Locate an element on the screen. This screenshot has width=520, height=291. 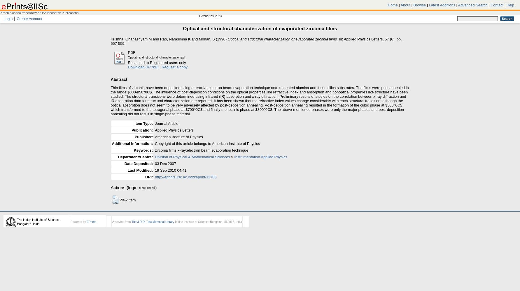
'Indian Institute of Science, Bengaluru-560012, India' is located at coordinates (208, 221).